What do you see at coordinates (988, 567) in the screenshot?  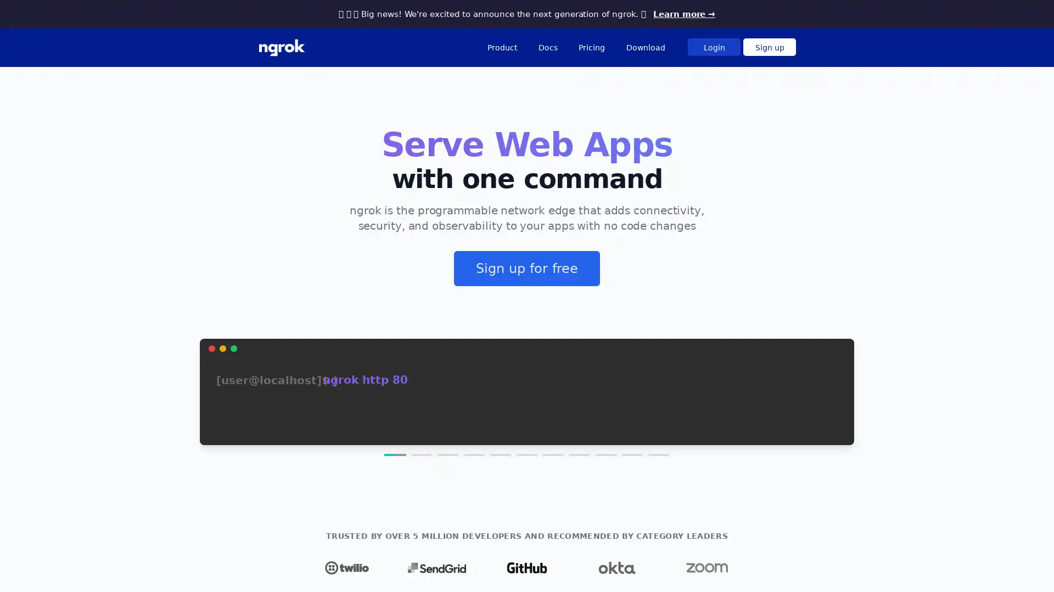 I see `Ask a question` at bounding box center [988, 567].